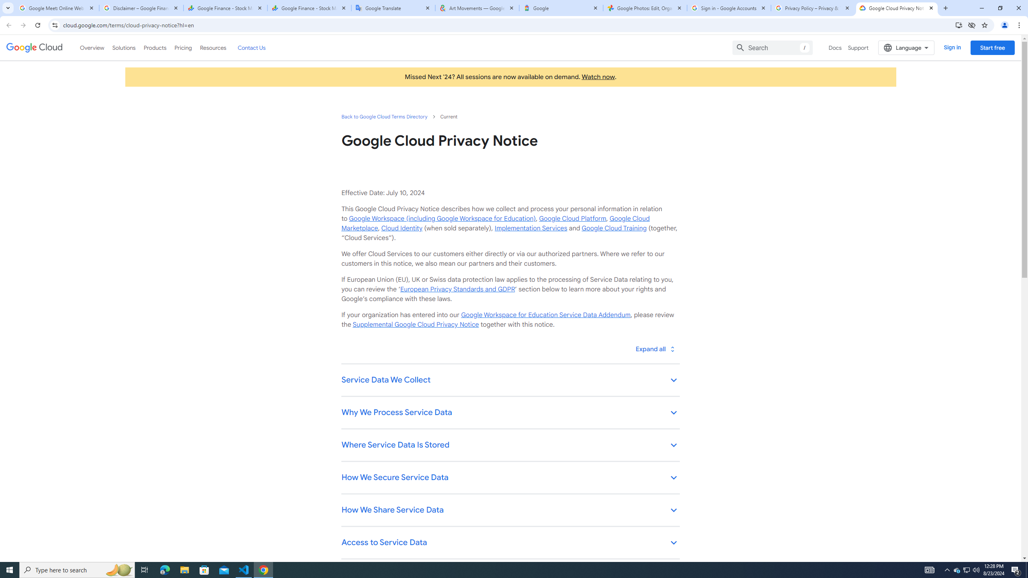 The height and width of the screenshot is (578, 1028). Describe the element at coordinates (897, 8) in the screenshot. I see `'Google Cloud Privacy Notice'` at that location.